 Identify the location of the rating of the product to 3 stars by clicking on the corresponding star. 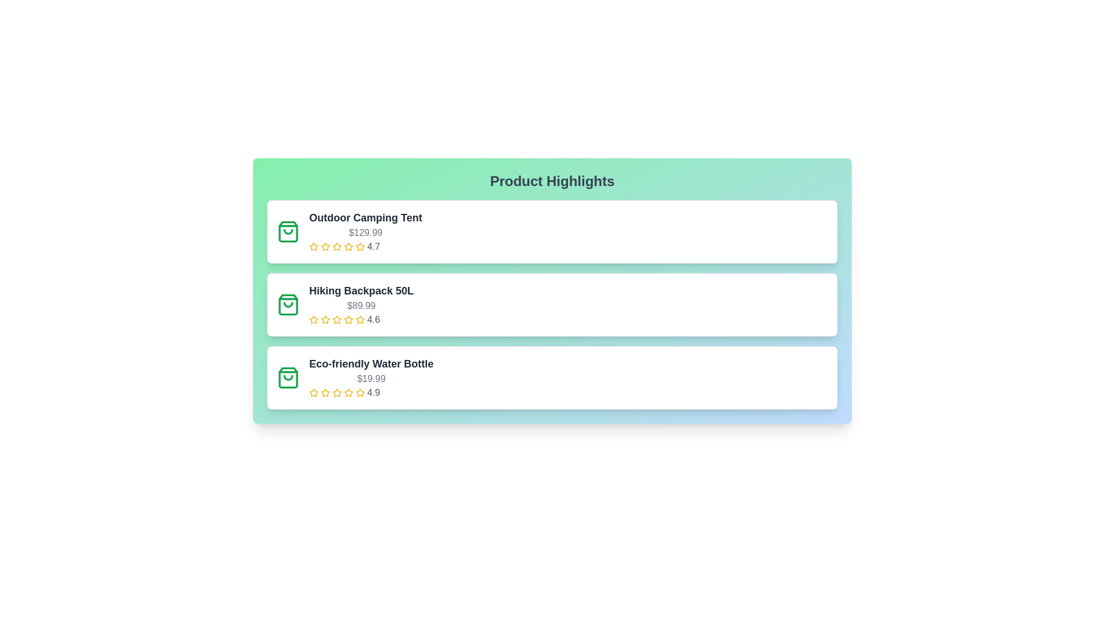
(336, 246).